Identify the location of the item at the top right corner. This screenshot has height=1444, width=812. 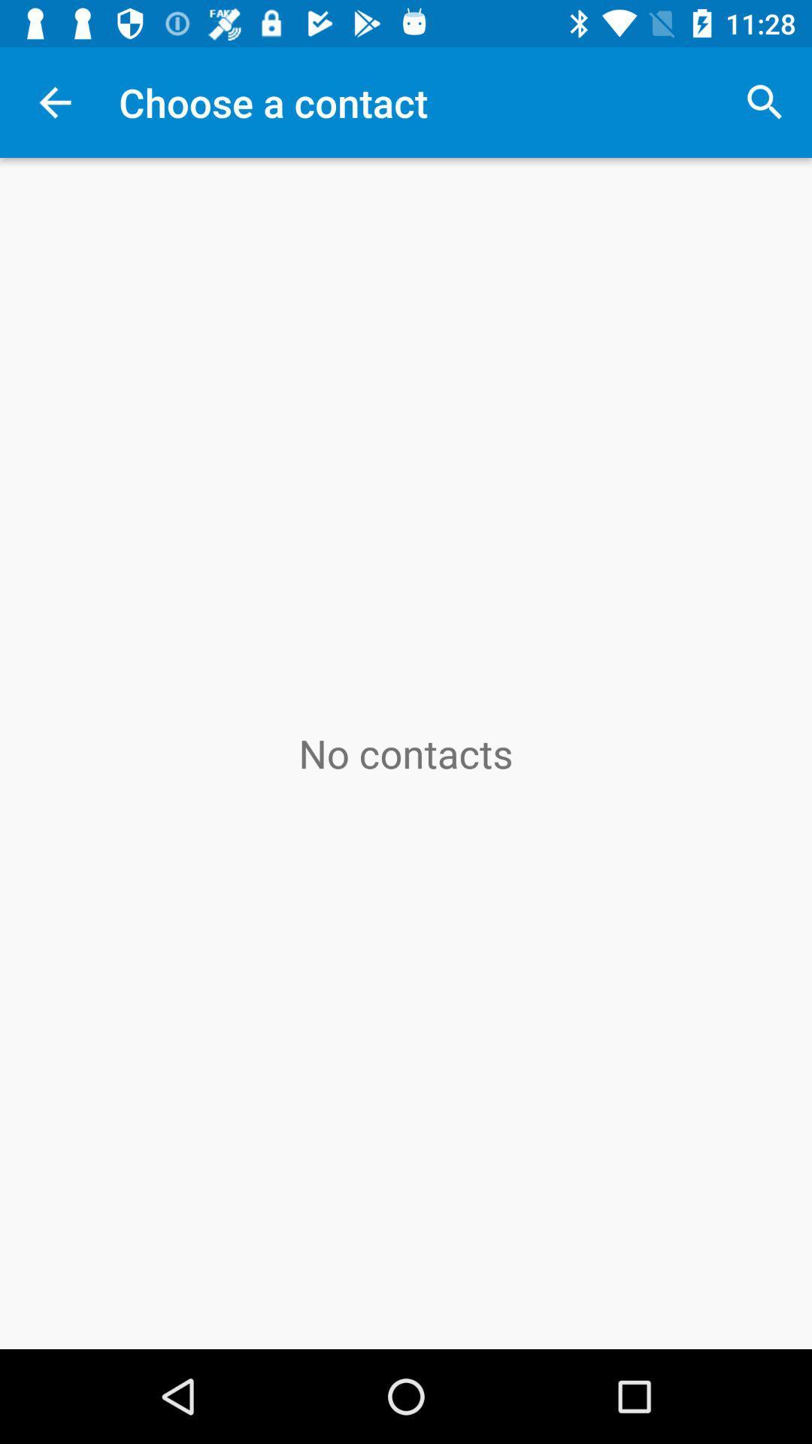
(765, 102).